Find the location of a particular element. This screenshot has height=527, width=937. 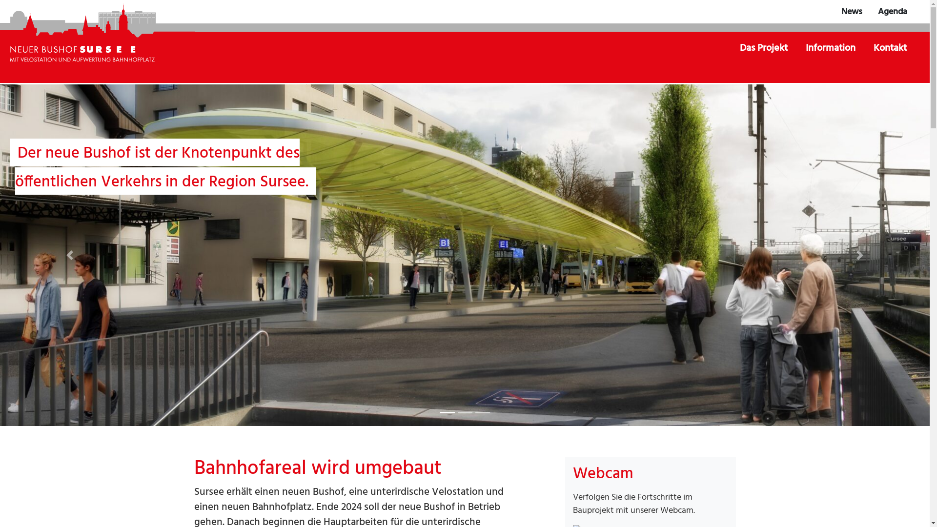

'Agenda' is located at coordinates (892, 12).